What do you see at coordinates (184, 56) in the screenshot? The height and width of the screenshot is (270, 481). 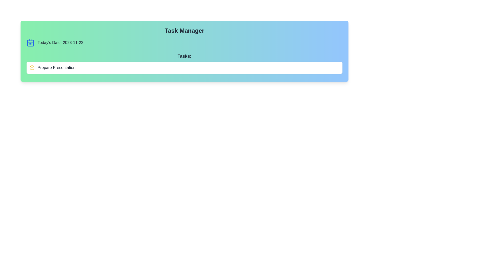 I see `text label 'Tasks:' which is styled as a header and positioned above the task list in the task management interface` at bounding box center [184, 56].